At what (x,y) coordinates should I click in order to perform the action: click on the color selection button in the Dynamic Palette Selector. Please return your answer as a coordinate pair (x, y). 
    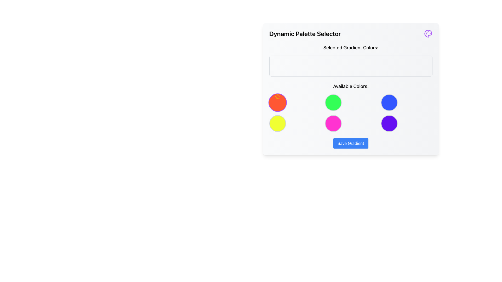
    Looking at the image, I should click on (277, 103).